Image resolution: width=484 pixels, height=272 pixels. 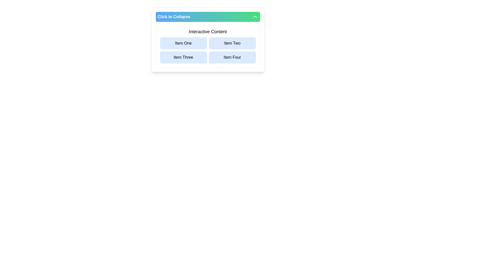 I want to click on the static labeled element indicating 'Item Three', which is positioned in the second row and first column of a grid layout, so click(x=183, y=57).